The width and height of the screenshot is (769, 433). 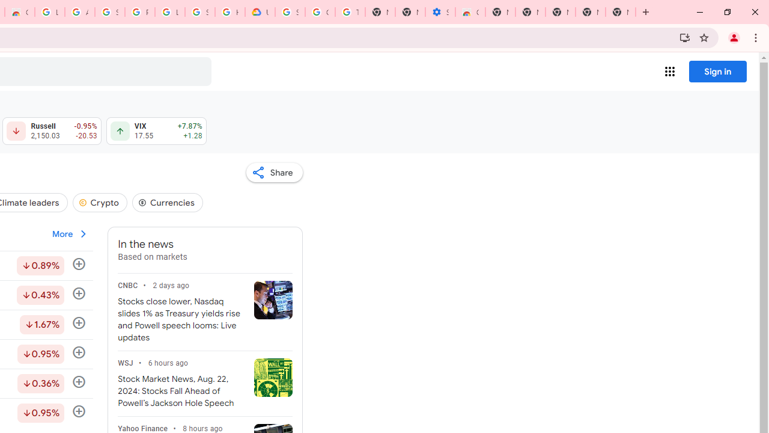 What do you see at coordinates (439, 12) in the screenshot?
I see `'Settings - Accessibility'` at bounding box center [439, 12].